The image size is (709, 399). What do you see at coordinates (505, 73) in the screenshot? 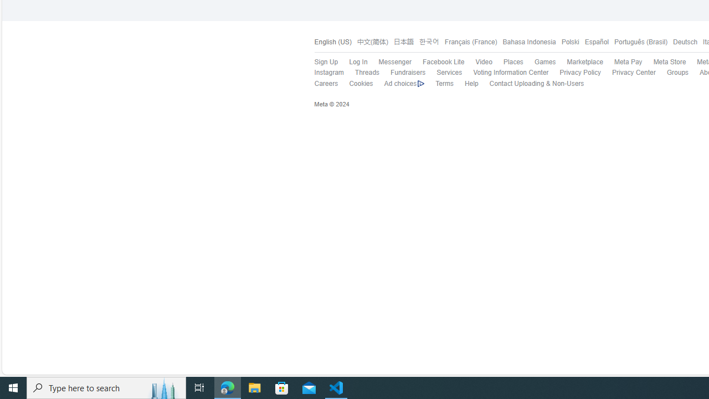
I see `'Voting Information Center'` at bounding box center [505, 73].